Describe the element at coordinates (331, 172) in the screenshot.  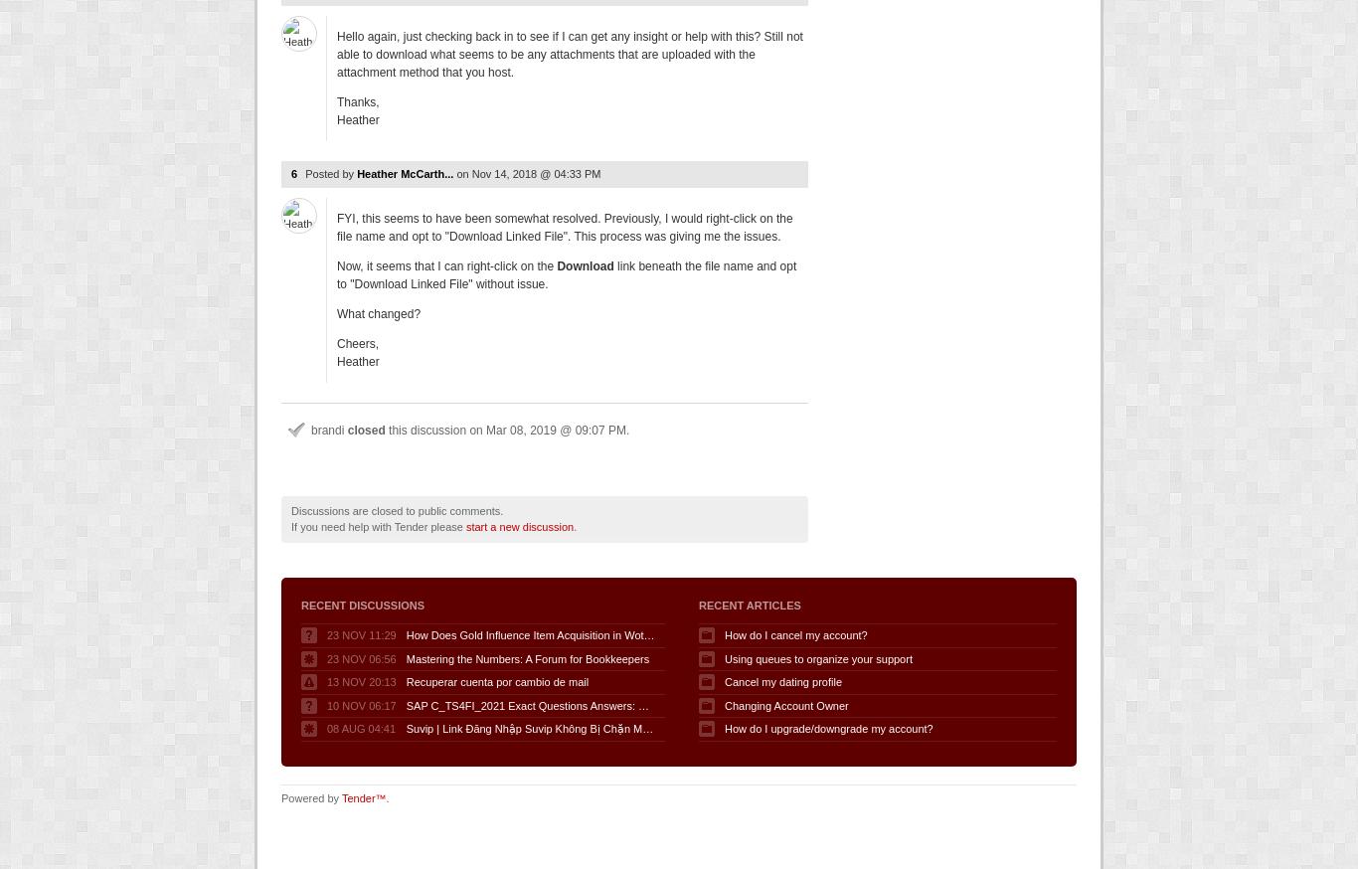
I see `'Posted by'` at that location.